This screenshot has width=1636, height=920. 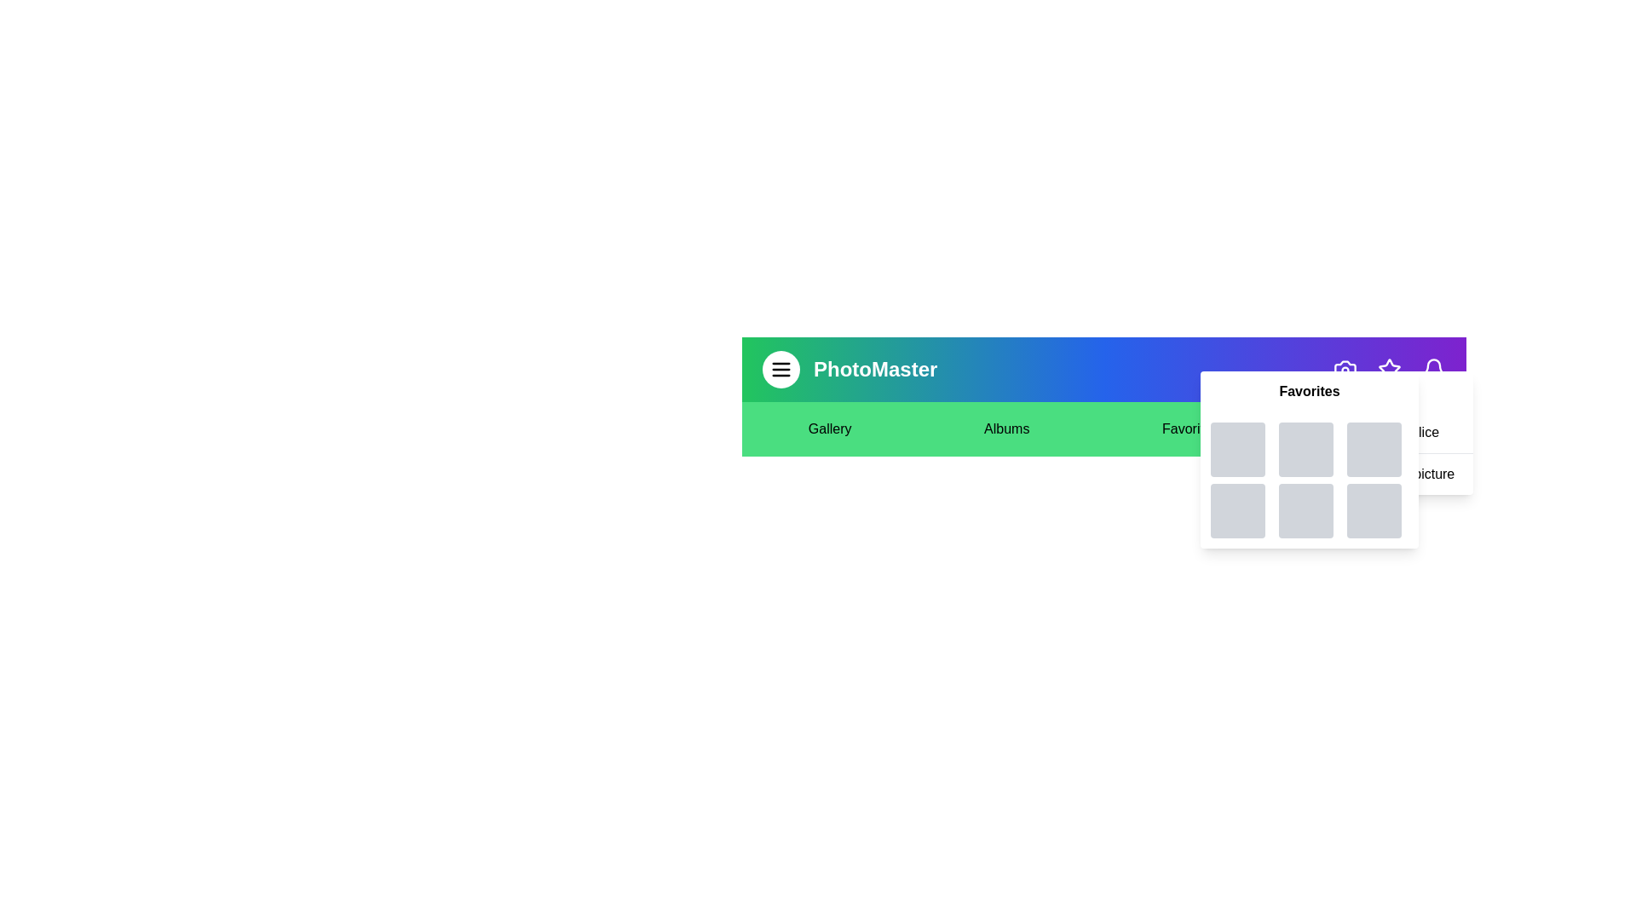 I want to click on the menu item Favorites from the navigation bar, so click(x=1189, y=428).